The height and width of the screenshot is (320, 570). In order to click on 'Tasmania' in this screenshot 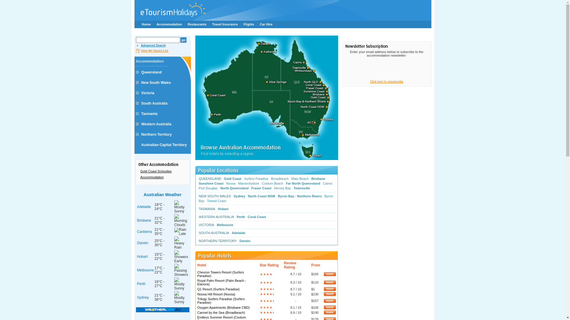, I will do `click(149, 114)`.